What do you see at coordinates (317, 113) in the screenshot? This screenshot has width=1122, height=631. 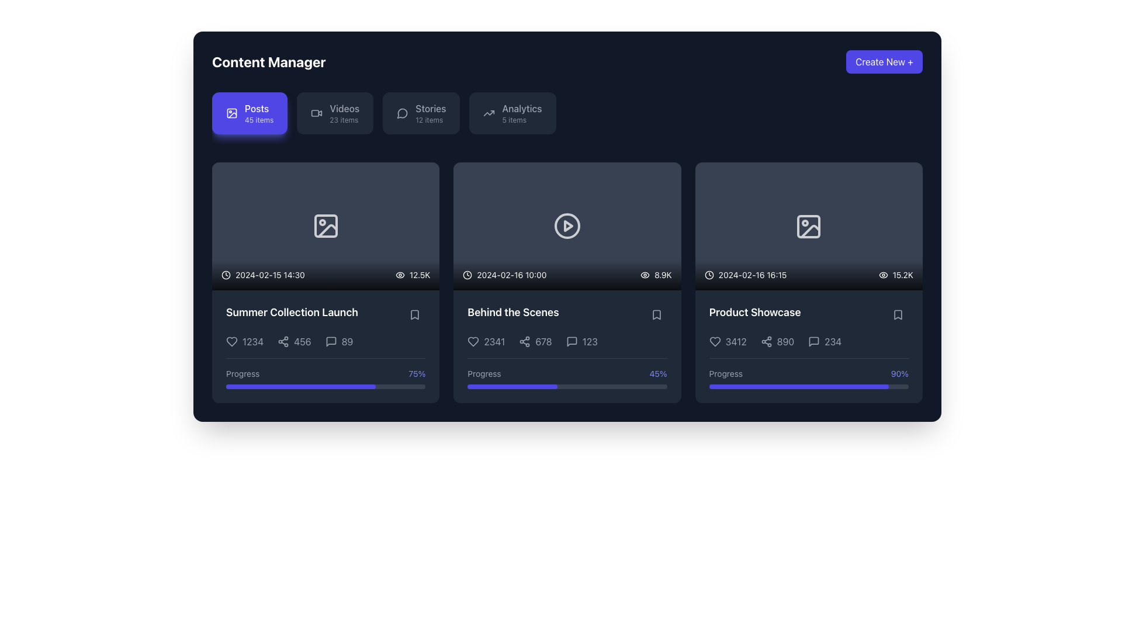 I see `the video camera icon within the 'Videos 23 items' button, which is styled with a simple and clean appearance and is part of a horizontal navigation bar` at bounding box center [317, 113].